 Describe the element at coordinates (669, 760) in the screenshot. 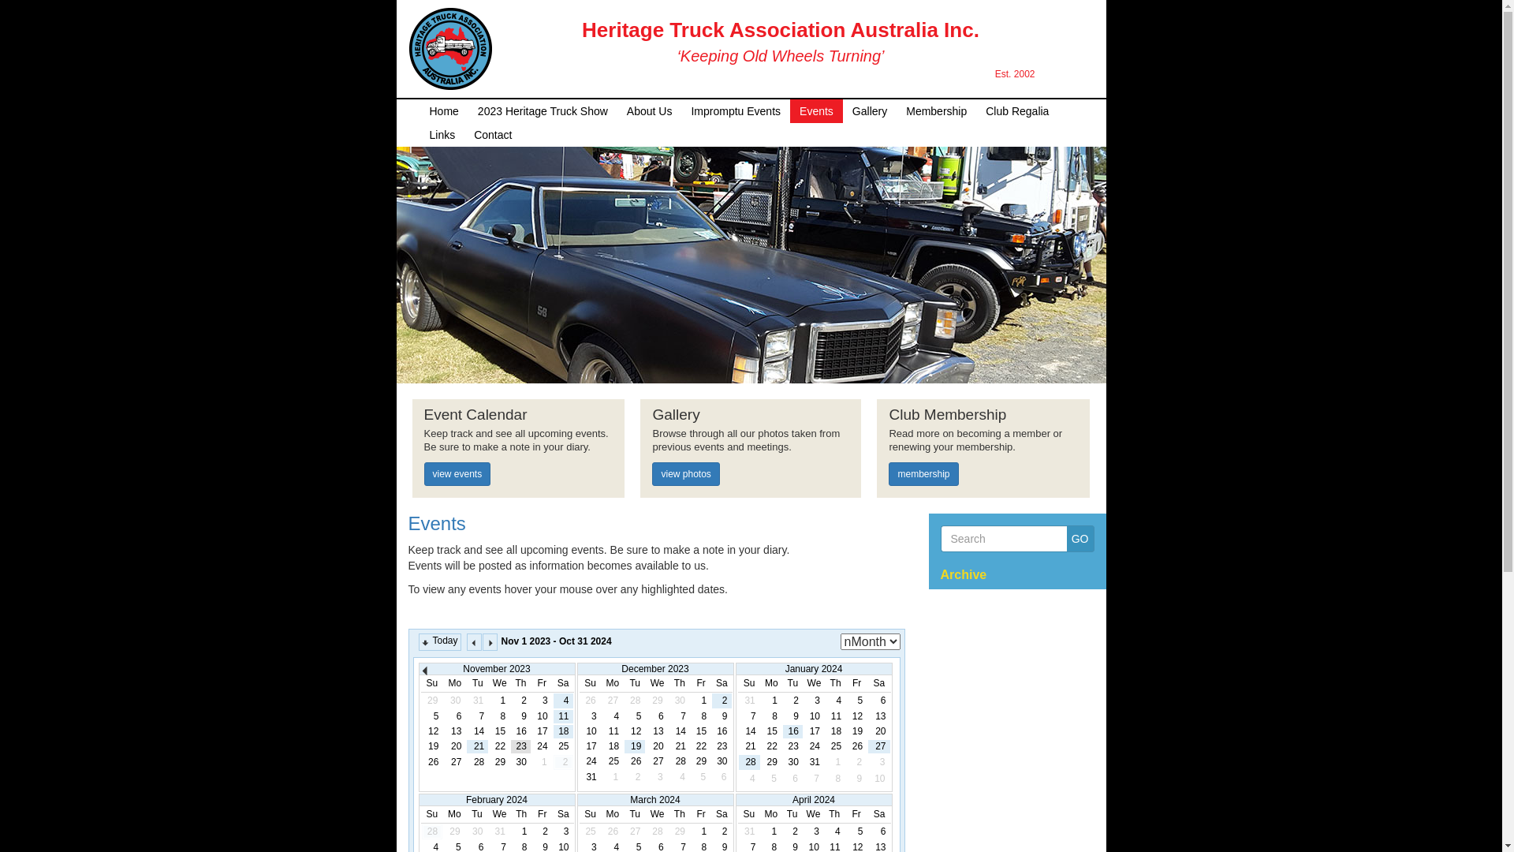

I see `'28'` at that location.